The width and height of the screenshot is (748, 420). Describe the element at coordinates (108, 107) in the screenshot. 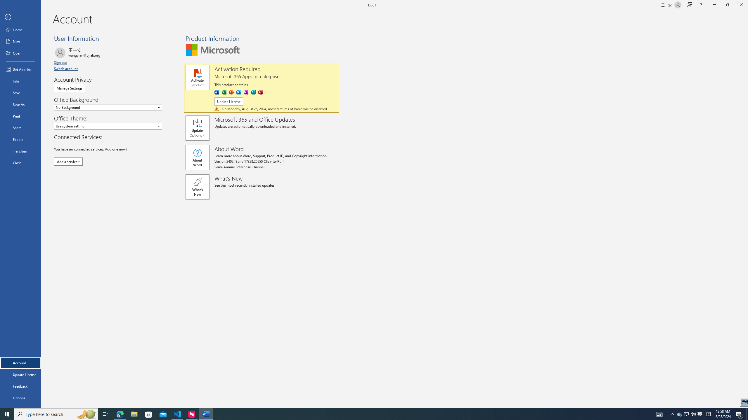

I see `'Office Background'` at that location.